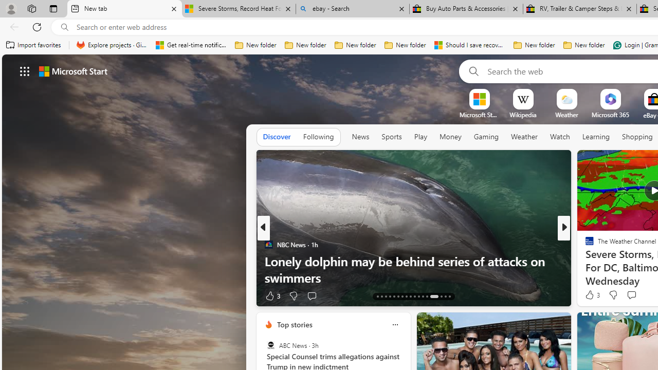 This screenshot has width=658, height=370. What do you see at coordinates (270, 345) in the screenshot?
I see `'ABC News'` at bounding box center [270, 345].